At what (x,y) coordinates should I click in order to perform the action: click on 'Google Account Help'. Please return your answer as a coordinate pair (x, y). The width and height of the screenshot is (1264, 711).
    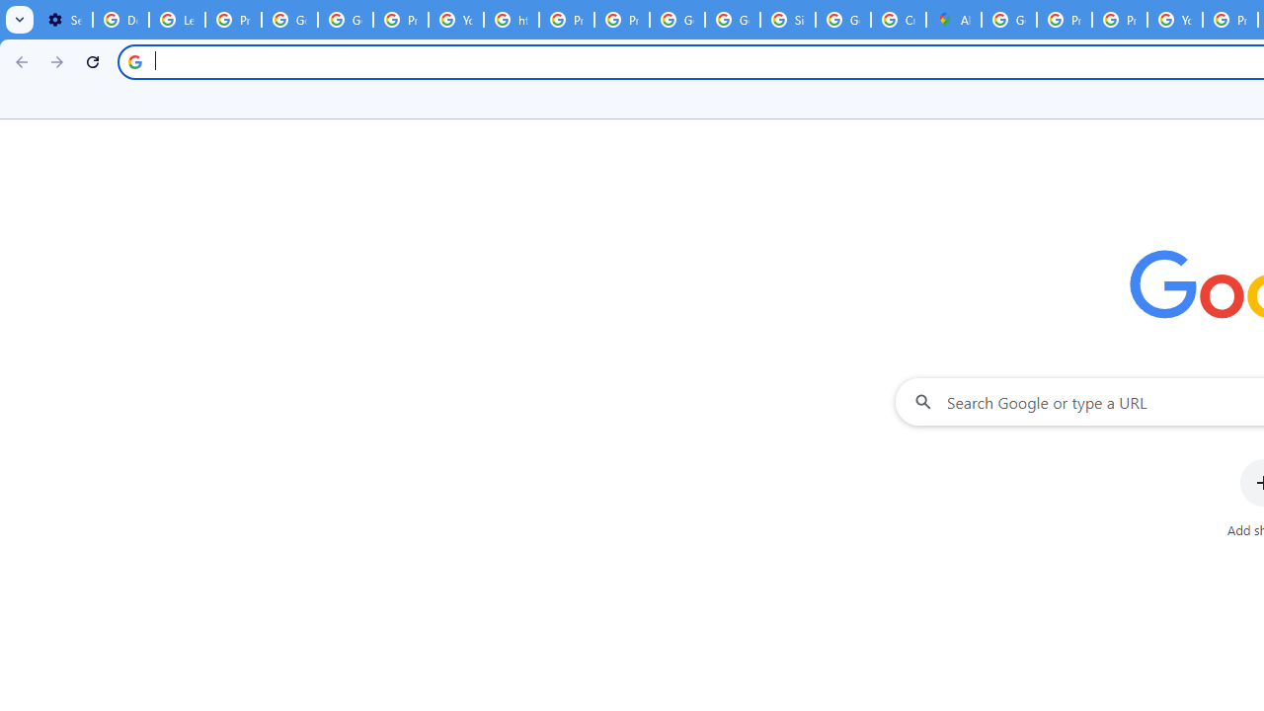
    Looking at the image, I should click on (288, 20).